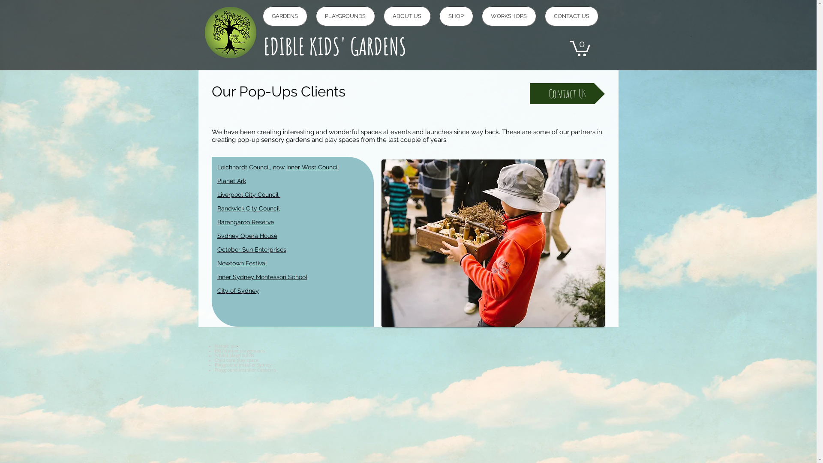  I want to click on 'Inner West Council', so click(312, 167).